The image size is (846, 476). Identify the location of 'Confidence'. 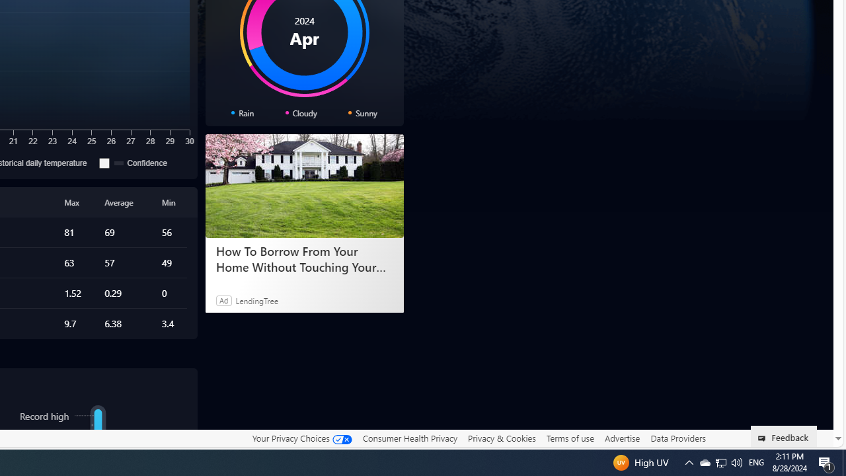
(104, 162).